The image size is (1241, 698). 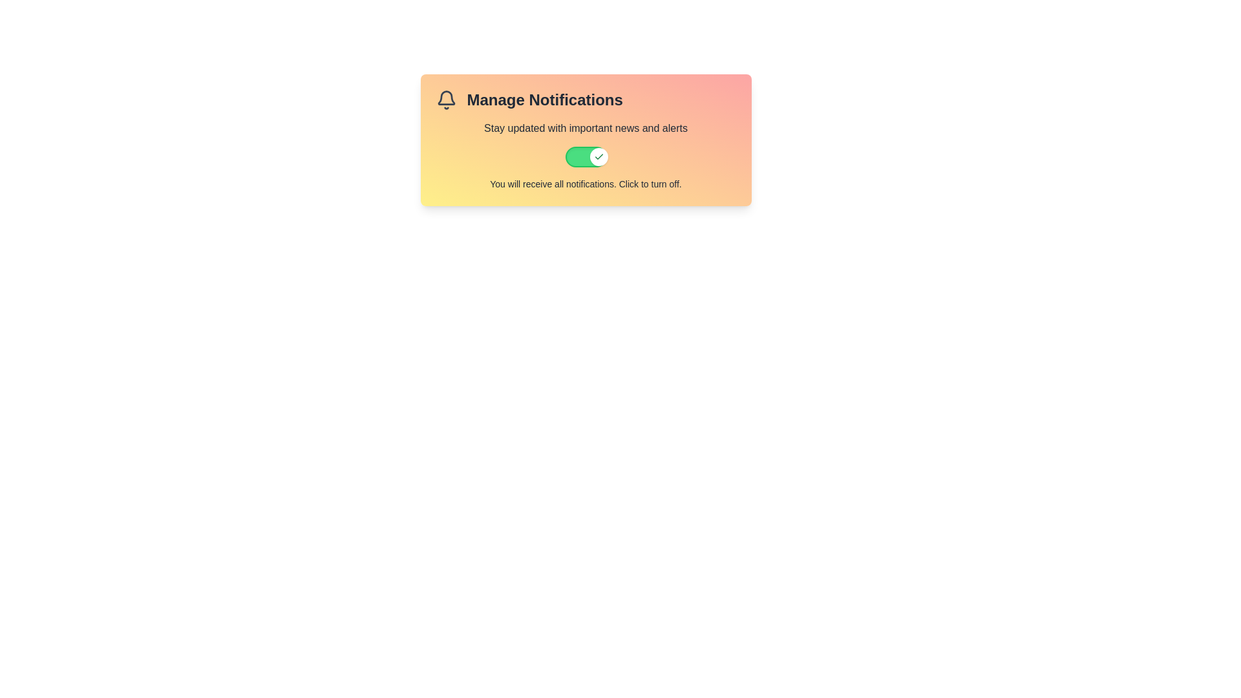 What do you see at coordinates (545, 99) in the screenshot?
I see `the 'Manage Notifications' header text, which is styled in bold and enlarged font, located on the notification management card to the right of the bell icon` at bounding box center [545, 99].